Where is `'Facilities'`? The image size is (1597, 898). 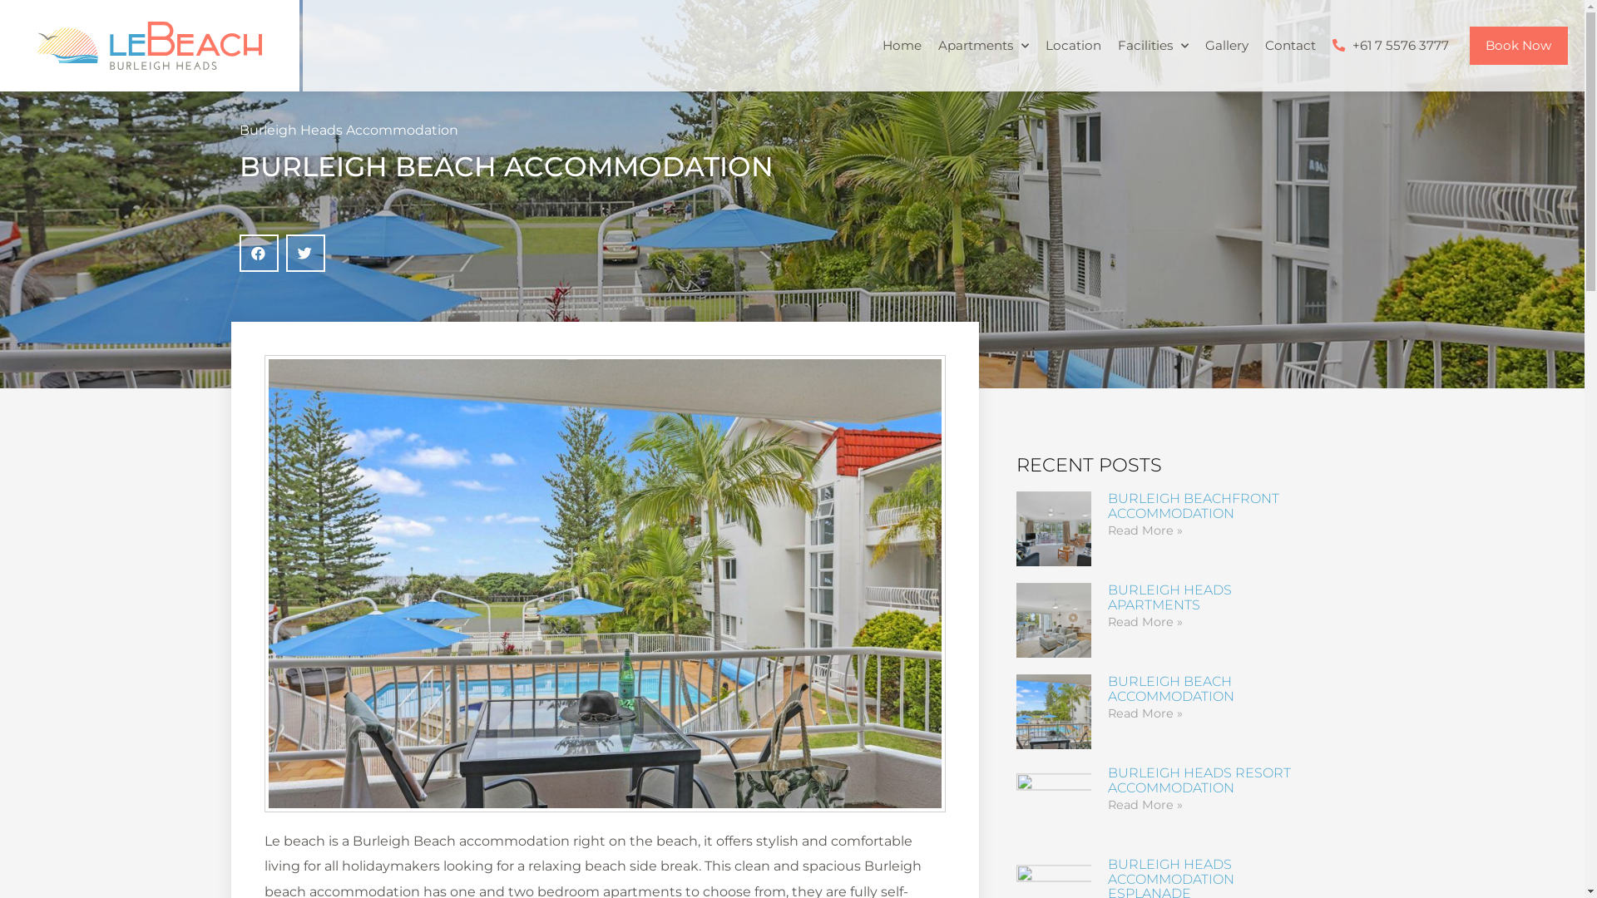 'Facilities' is located at coordinates (1152, 44).